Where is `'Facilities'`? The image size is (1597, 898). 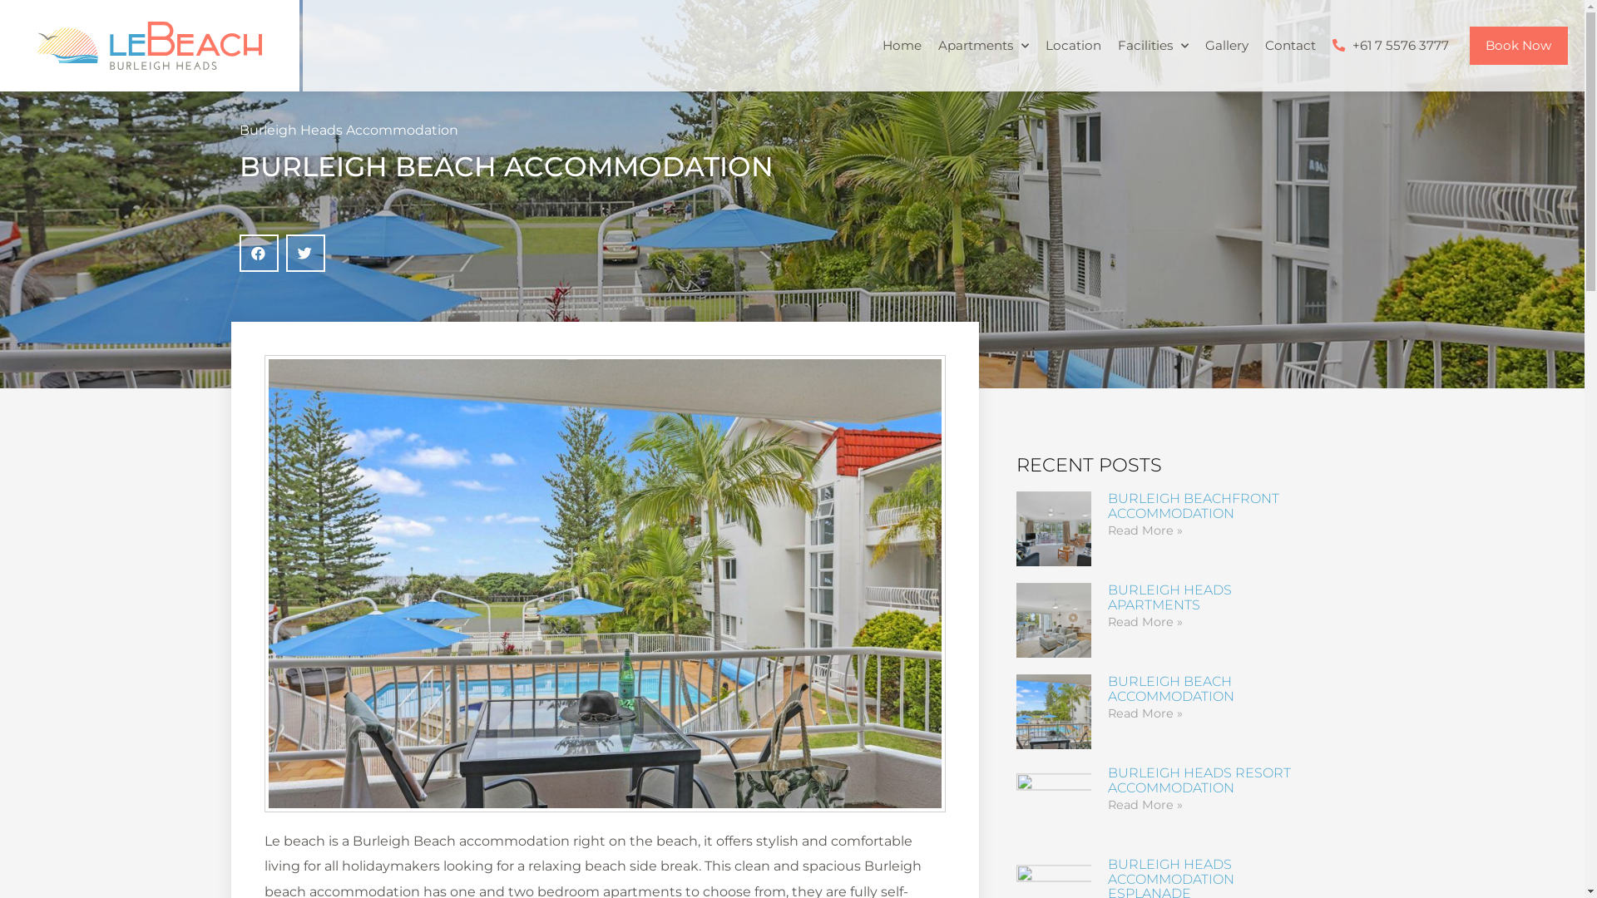 'Facilities' is located at coordinates (1152, 44).